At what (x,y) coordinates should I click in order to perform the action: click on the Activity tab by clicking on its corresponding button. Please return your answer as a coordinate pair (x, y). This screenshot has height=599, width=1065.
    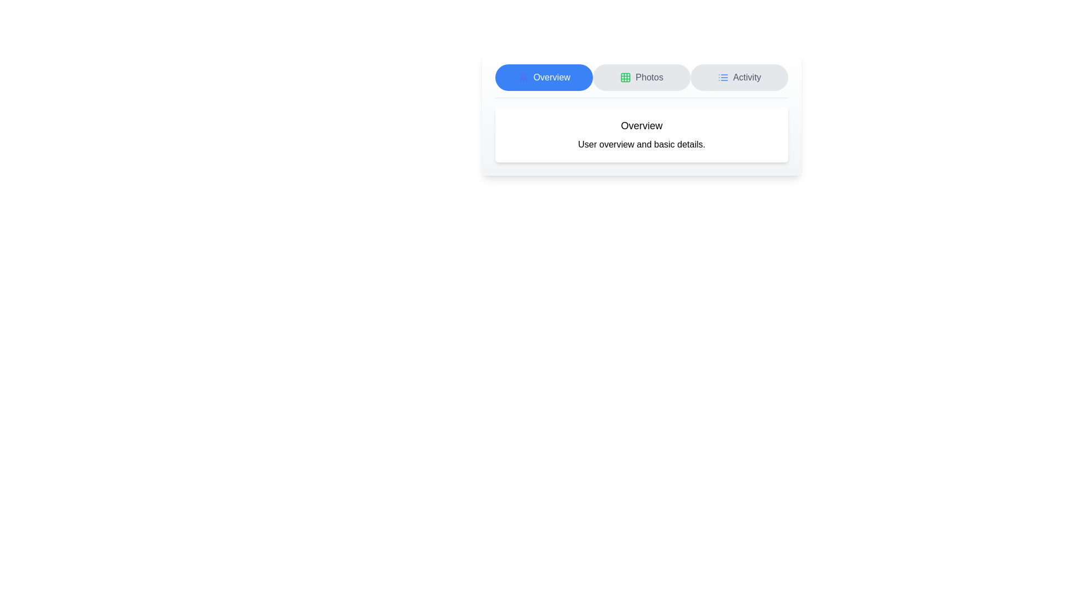
    Looking at the image, I should click on (739, 77).